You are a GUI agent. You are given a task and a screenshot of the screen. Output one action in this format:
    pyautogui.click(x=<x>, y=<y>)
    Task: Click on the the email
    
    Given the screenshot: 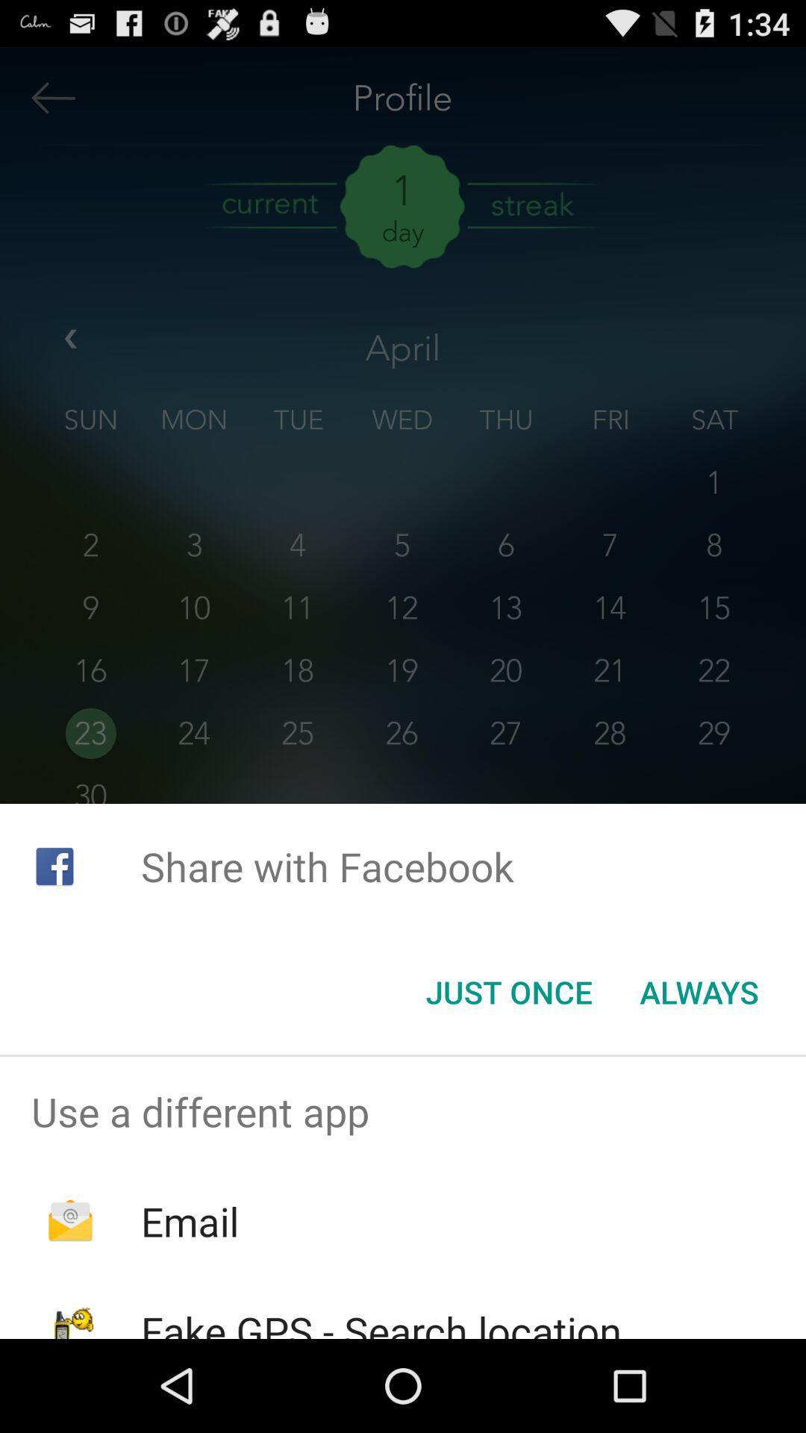 What is the action you would take?
    pyautogui.click(x=189, y=1221)
    